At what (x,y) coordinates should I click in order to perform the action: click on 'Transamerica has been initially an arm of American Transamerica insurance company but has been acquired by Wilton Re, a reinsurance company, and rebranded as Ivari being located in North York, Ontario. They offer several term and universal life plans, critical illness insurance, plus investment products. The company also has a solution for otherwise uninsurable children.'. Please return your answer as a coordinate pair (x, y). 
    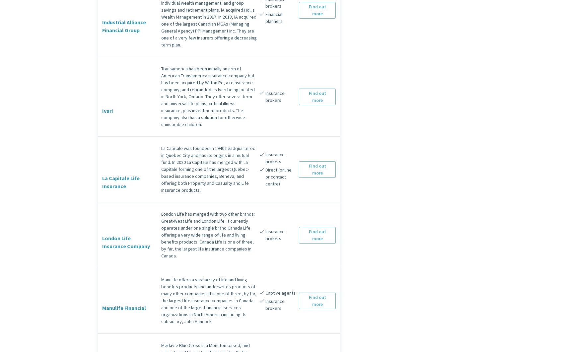
    Looking at the image, I should click on (161, 96).